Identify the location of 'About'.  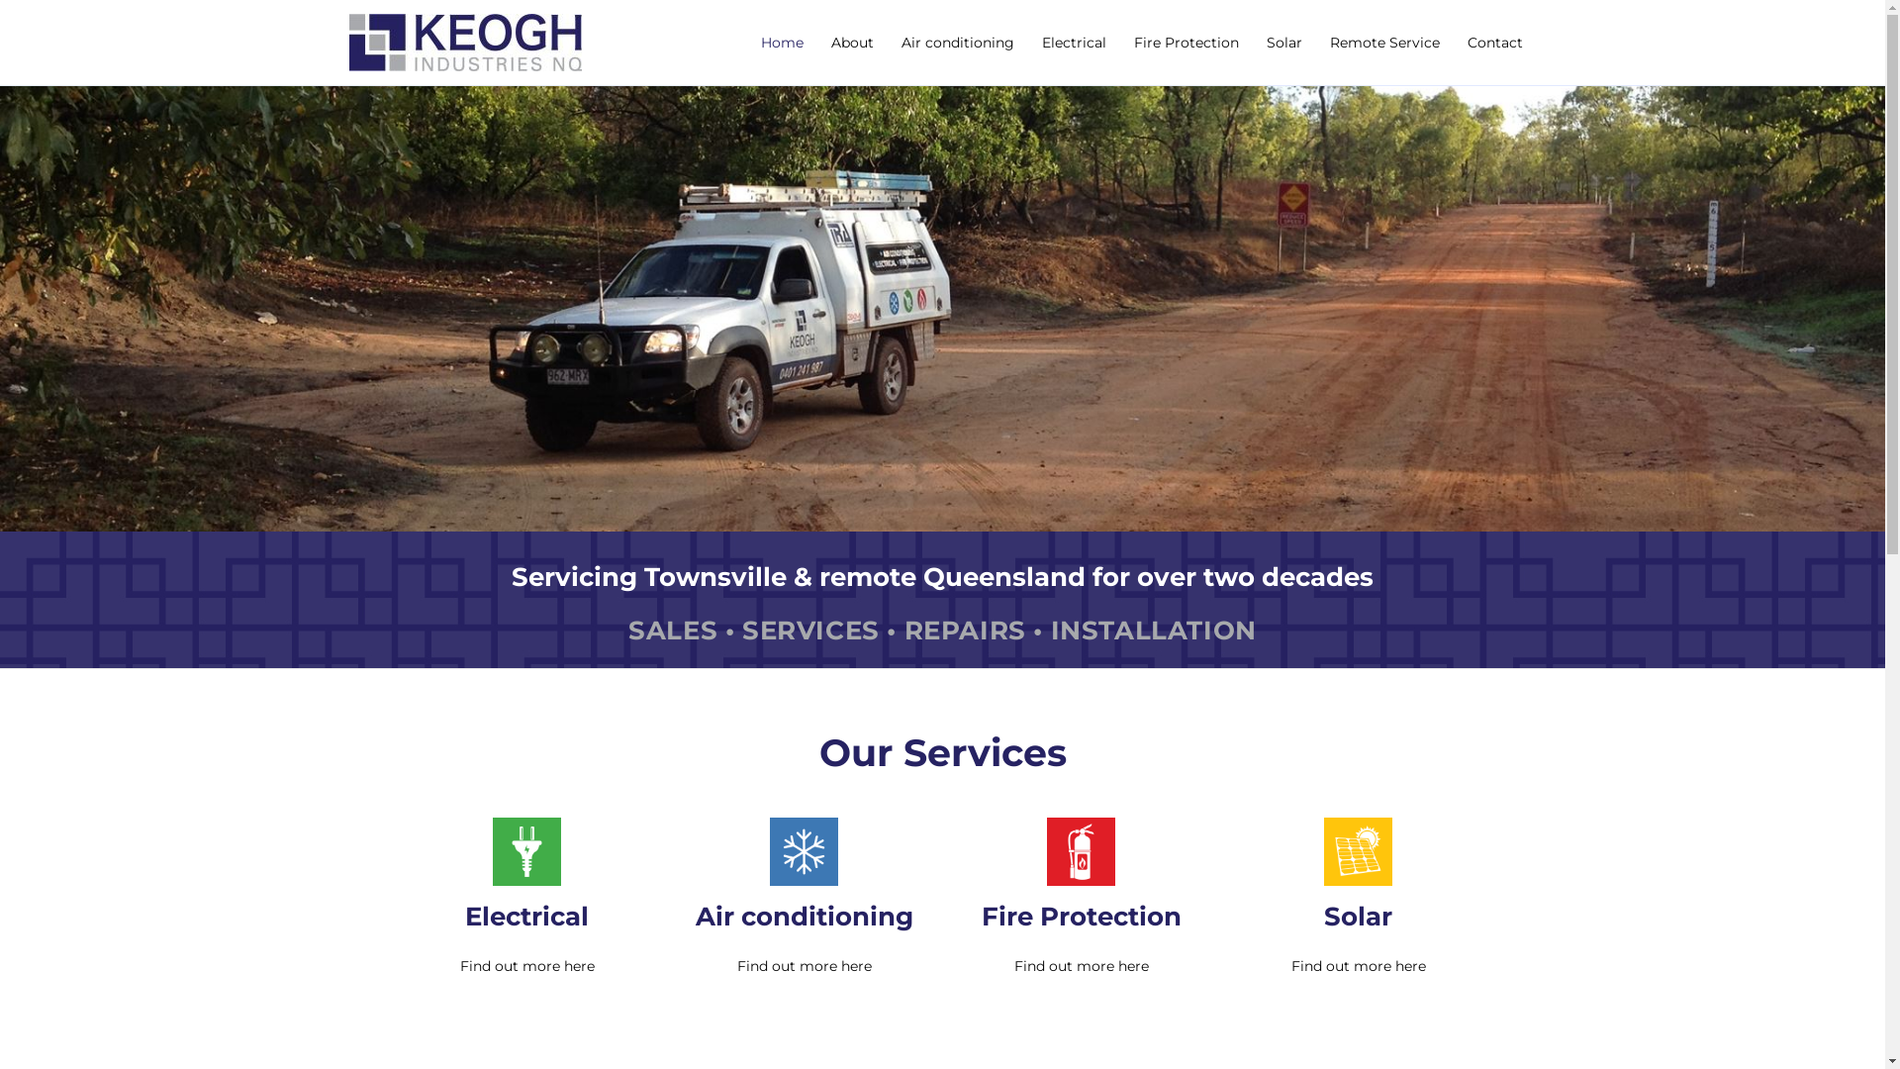
(852, 42).